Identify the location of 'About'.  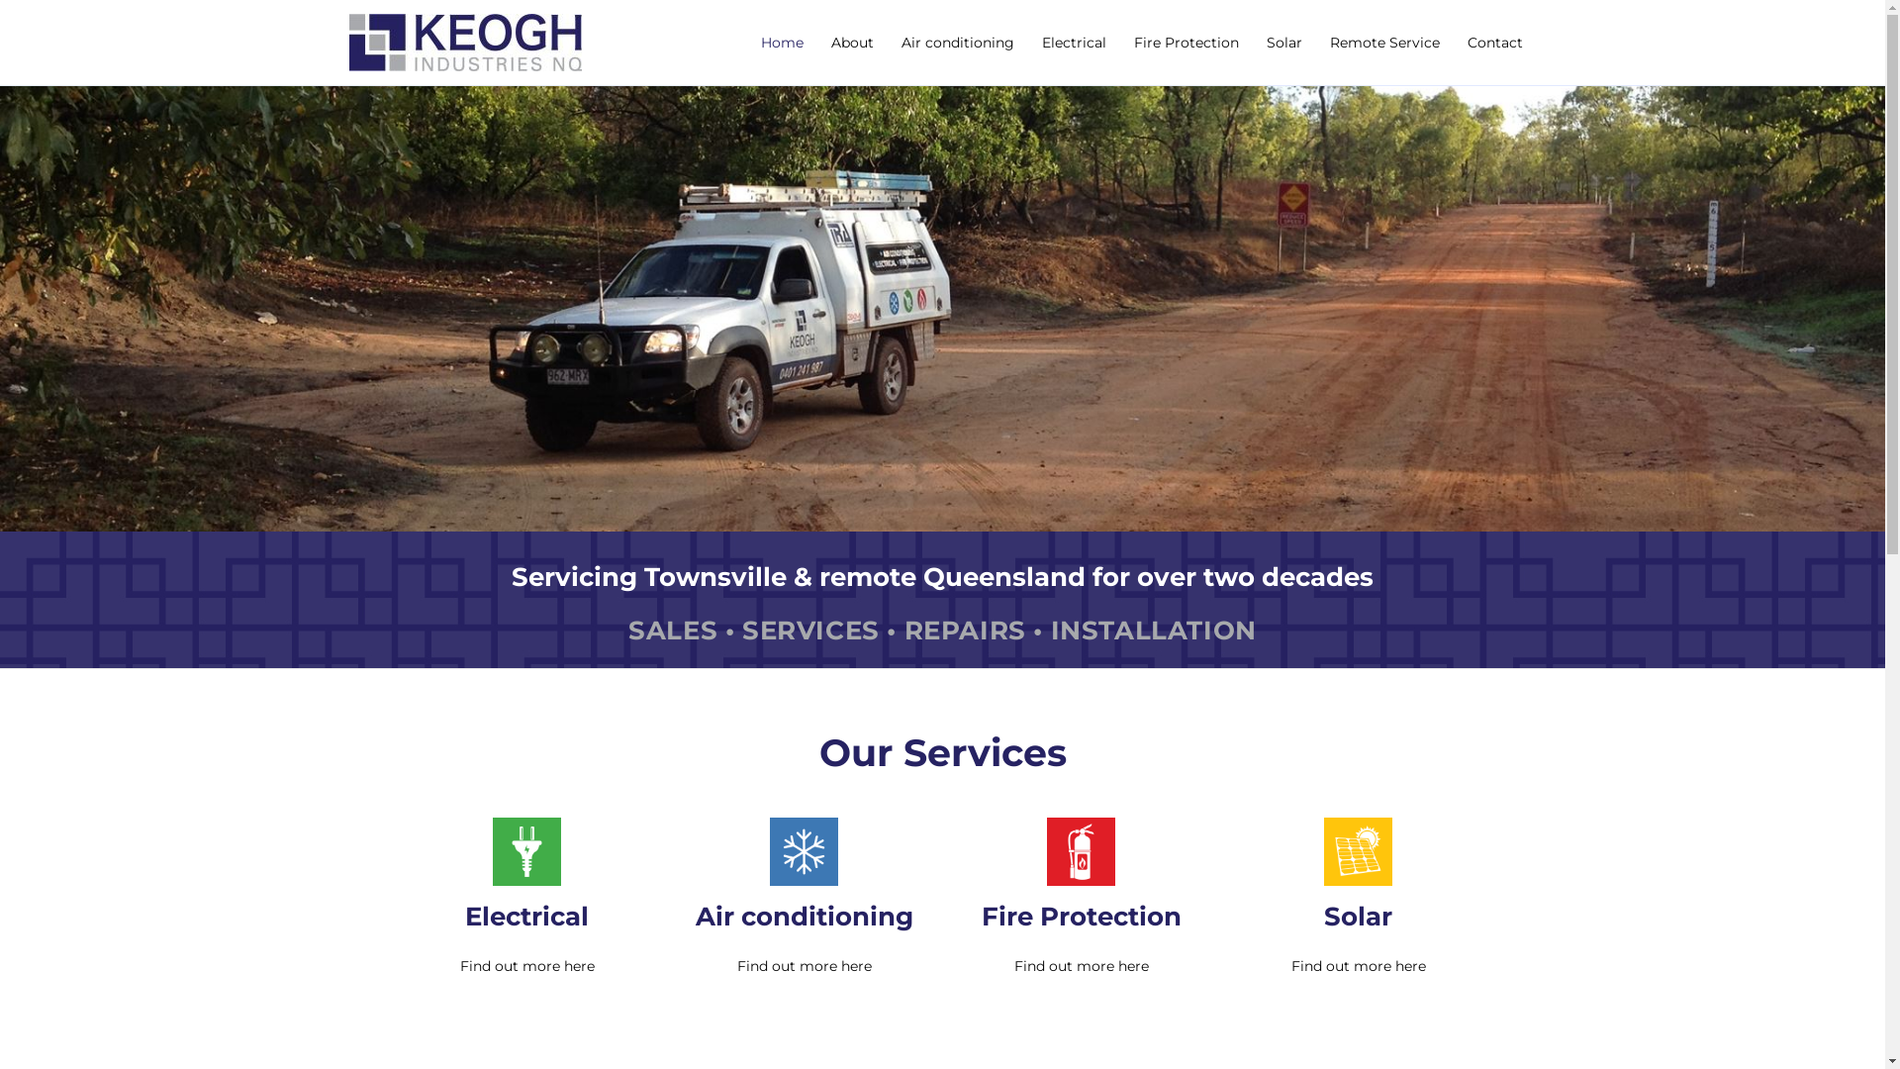
(852, 42).